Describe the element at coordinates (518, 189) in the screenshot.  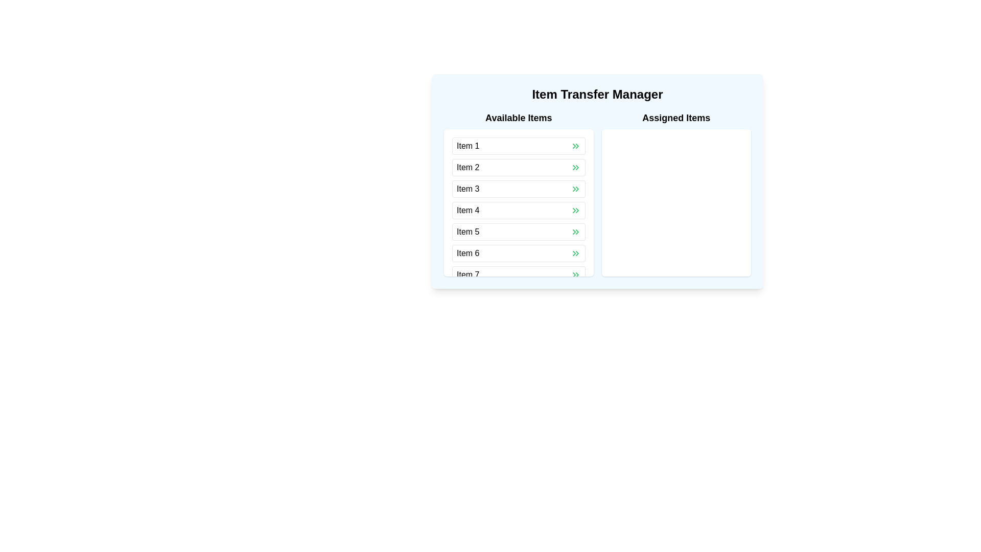
I see `the chevron of the third selectable list item in the 'Available Items' section of the 'Item Transfer Manager' panel to initiate an action` at that location.